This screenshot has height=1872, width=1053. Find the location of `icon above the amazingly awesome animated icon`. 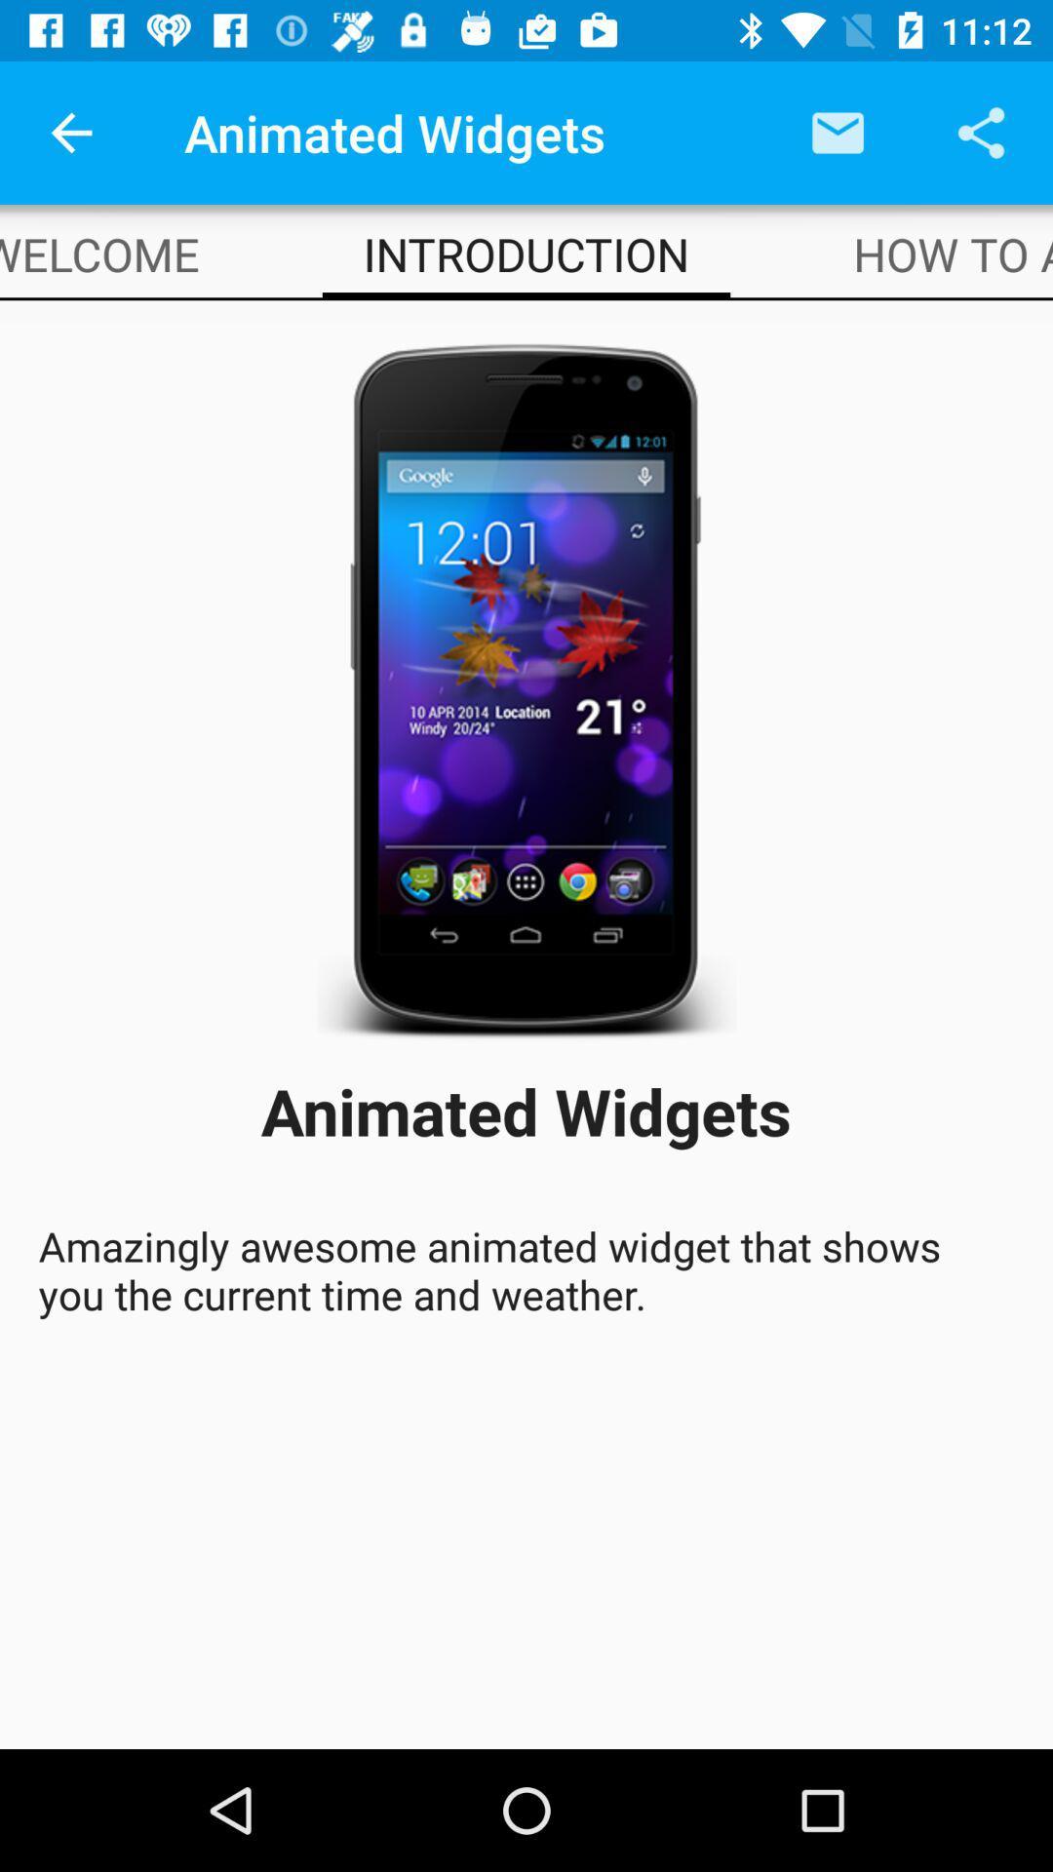

icon above the amazingly awesome animated icon is located at coordinates (99, 253).